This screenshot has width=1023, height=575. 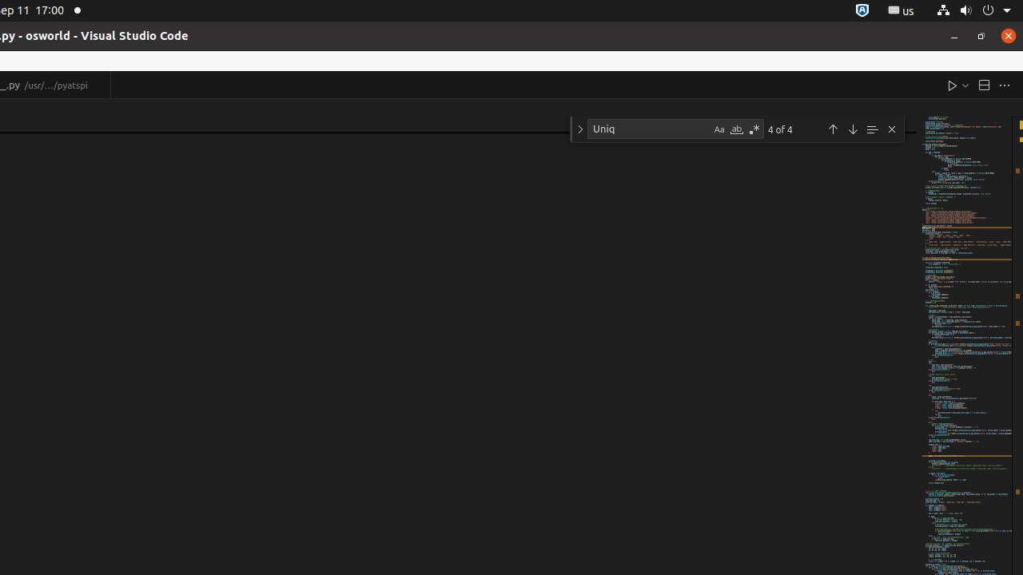 What do you see at coordinates (735, 129) in the screenshot?
I see `'Match Whole Word (Alt+W)'` at bounding box center [735, 129].